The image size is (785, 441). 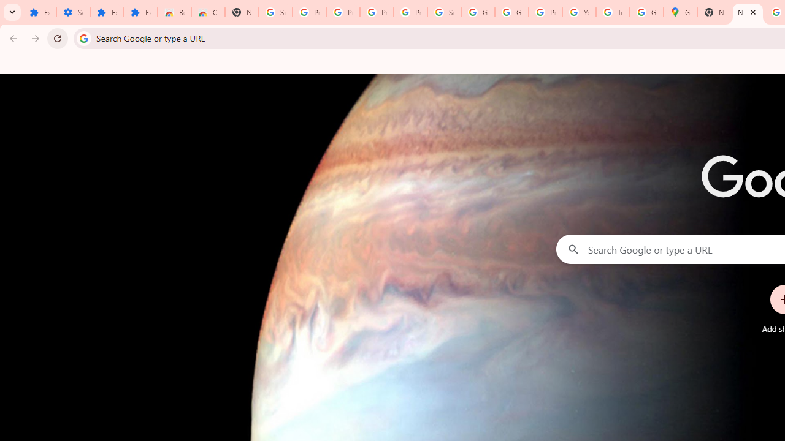 I want to click on 'Google Maps', so click(x=680, y=12).